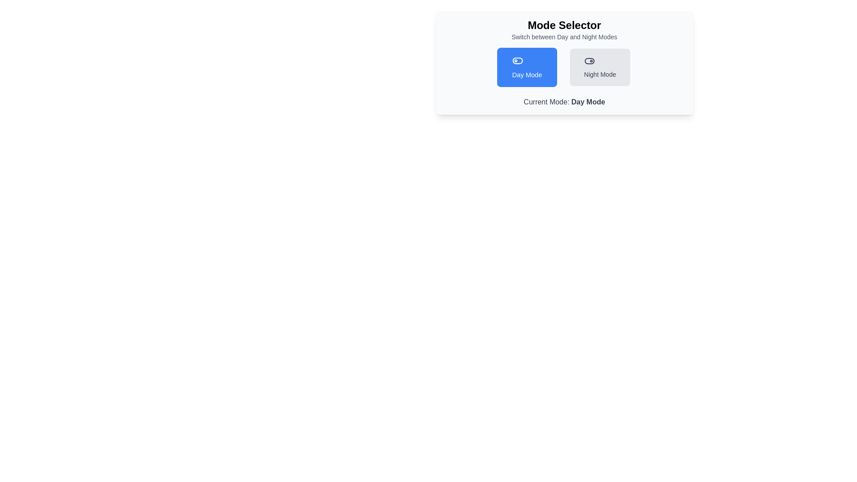 This screenshot has width=857, height=482. What do you see at coordinates (527, 66) in the screenshot?
I see `the Day Mode button to observe its hover effect` at bounding box center [527, 66].